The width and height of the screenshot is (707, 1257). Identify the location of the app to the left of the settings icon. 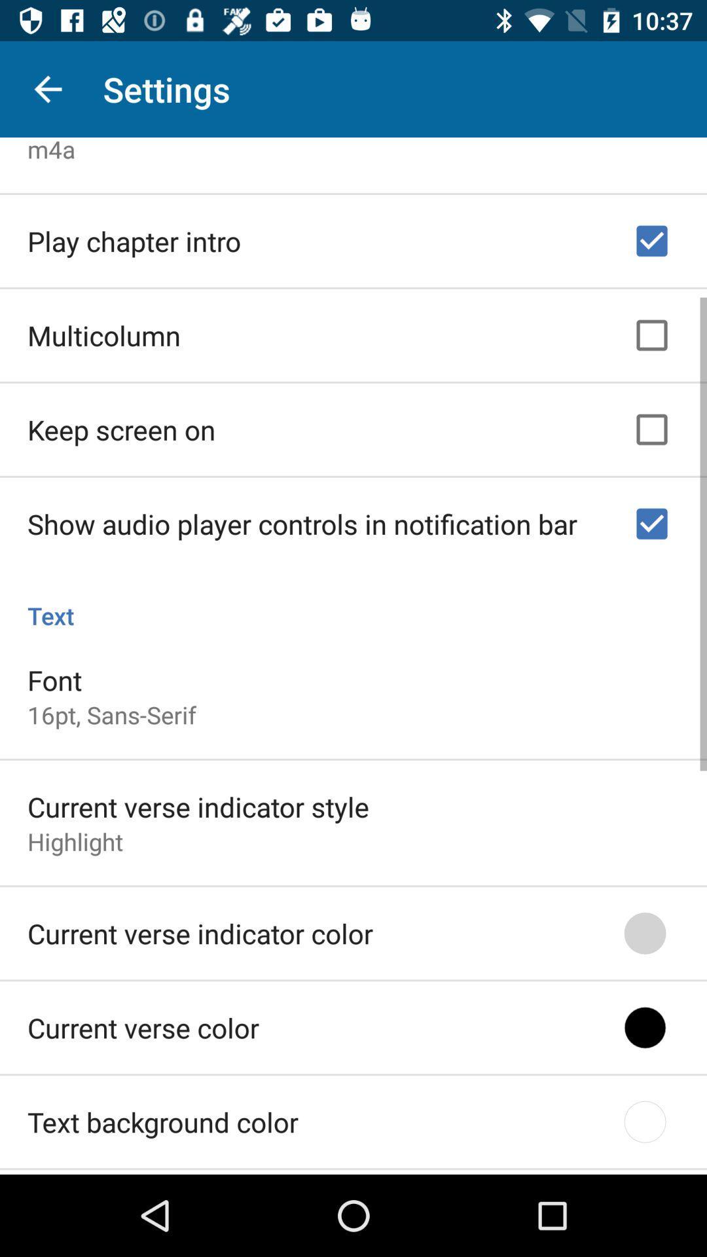
(47, 88).